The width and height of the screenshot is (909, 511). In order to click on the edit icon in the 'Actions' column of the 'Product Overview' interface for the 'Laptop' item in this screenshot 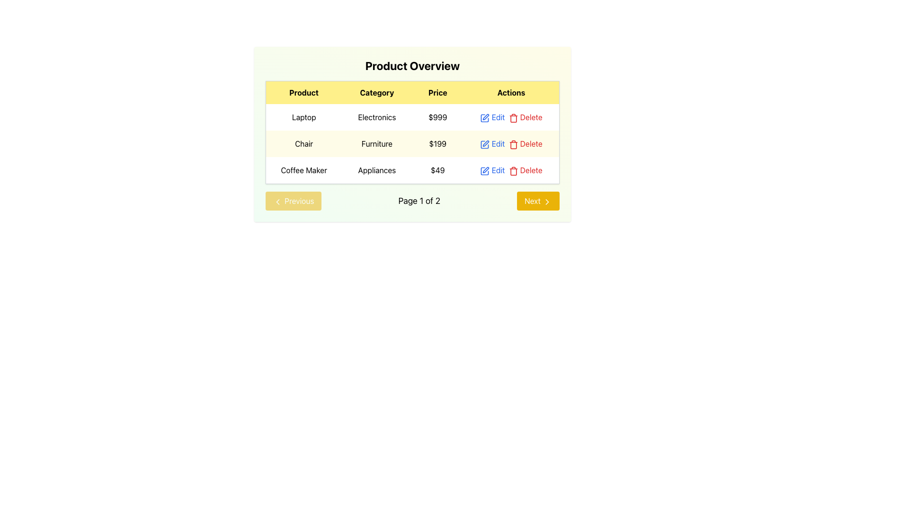, I will do `click(486, 116)`.